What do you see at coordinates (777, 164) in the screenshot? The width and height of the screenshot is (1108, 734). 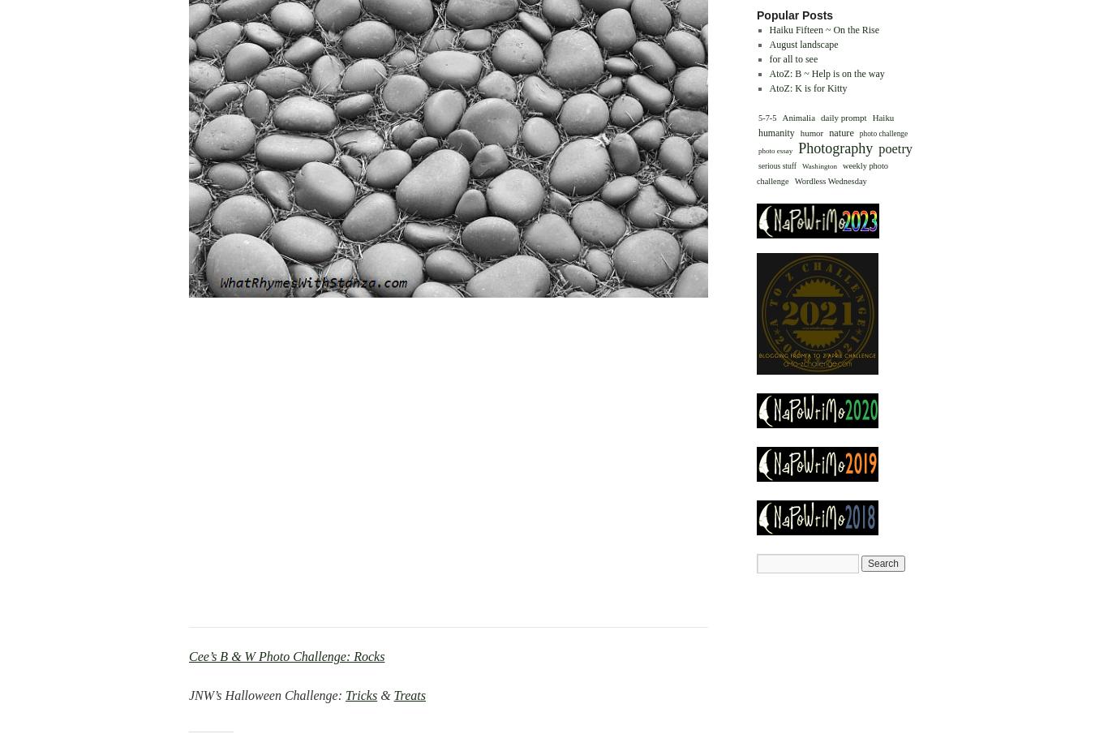 I see `'serious stuff'` at bounding box center [777, 164].